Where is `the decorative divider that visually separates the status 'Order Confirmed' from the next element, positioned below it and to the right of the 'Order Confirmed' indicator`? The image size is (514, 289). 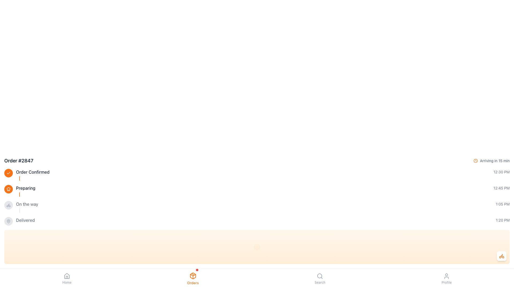
the decorative divider that visually separates the status 'Order Confirmed' from the next element, positioned below it and to the right of the 'Order Confirmed' indicator is located at coordinates (19, 178).